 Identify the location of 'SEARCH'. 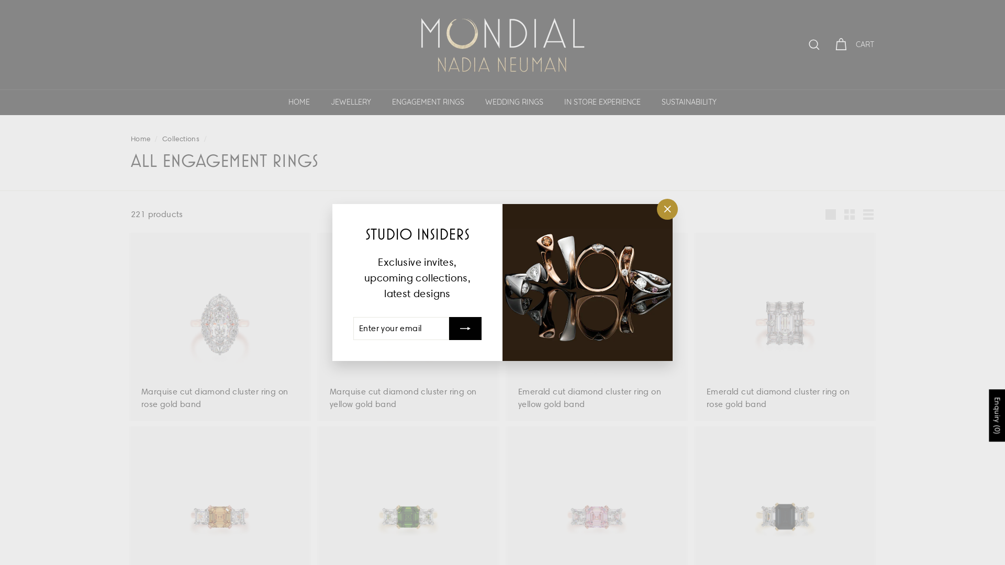
(800, 44).